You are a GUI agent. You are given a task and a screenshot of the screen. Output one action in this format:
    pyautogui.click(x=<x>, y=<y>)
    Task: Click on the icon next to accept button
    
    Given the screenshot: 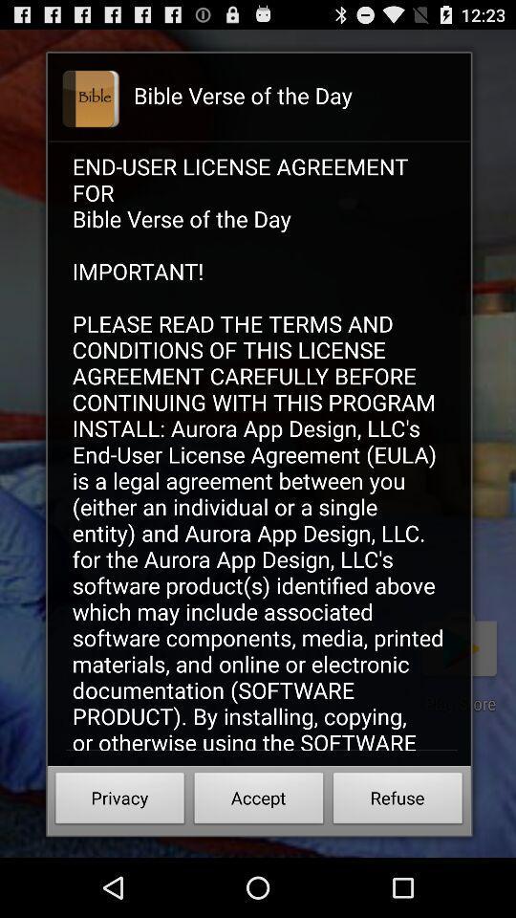 What is the action you would take?
    pyautogui.click(x=119, y=800)
    